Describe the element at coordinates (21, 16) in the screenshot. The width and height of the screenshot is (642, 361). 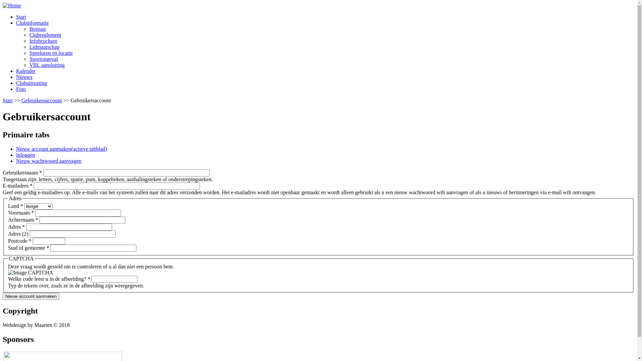
I see `'Start'` at that location.